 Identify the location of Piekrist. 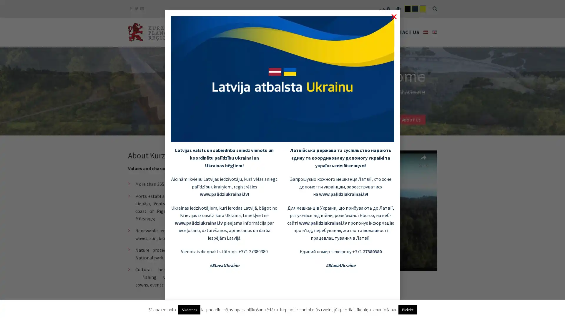
(407, 309).